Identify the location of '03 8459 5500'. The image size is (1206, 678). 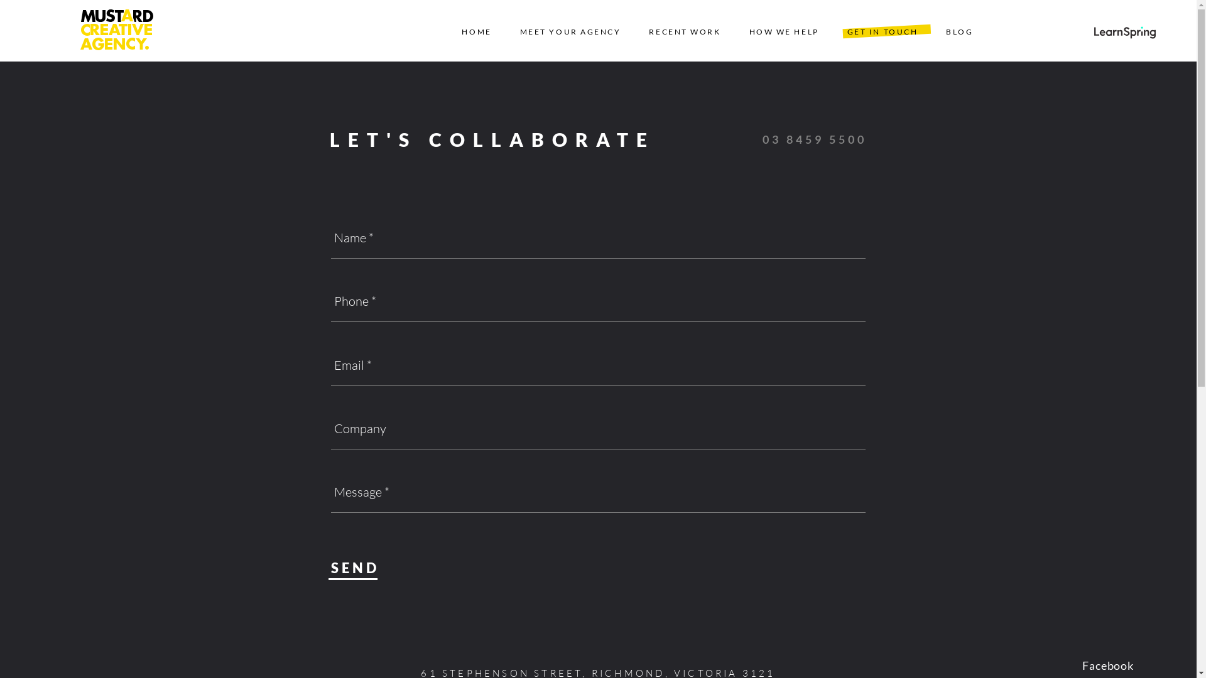
(798, 139).